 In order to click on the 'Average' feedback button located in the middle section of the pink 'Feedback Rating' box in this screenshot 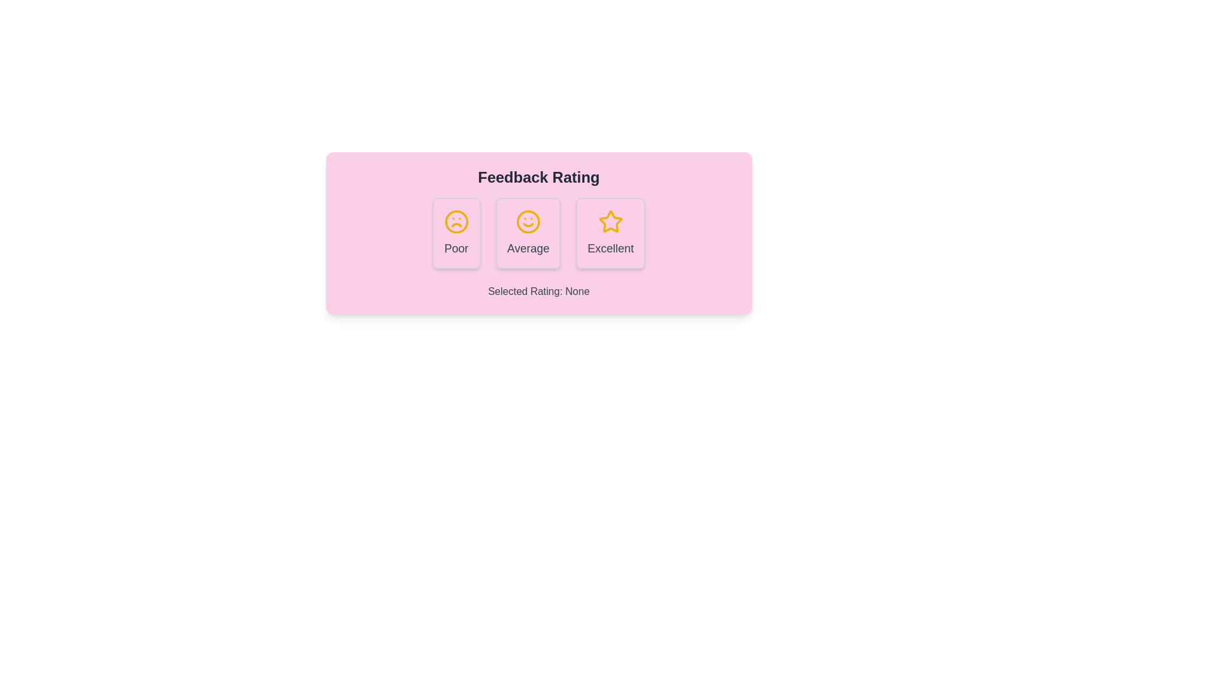, I will do `click(539, 233)`.